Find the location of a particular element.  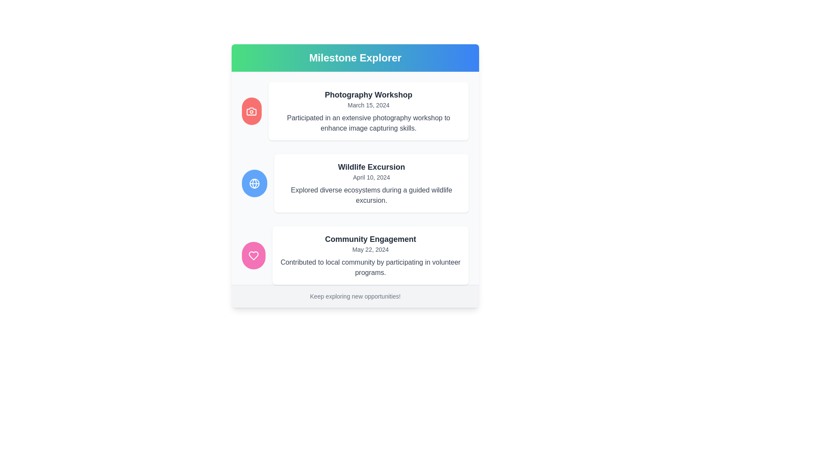

text content of the descriptive text block styled in gray (#707070), which states 'Contributed to local community by participating in volunteer programs.' This text block is located within the 'Community Engagement' card, below the title and date is located at coordinates (370, 267).